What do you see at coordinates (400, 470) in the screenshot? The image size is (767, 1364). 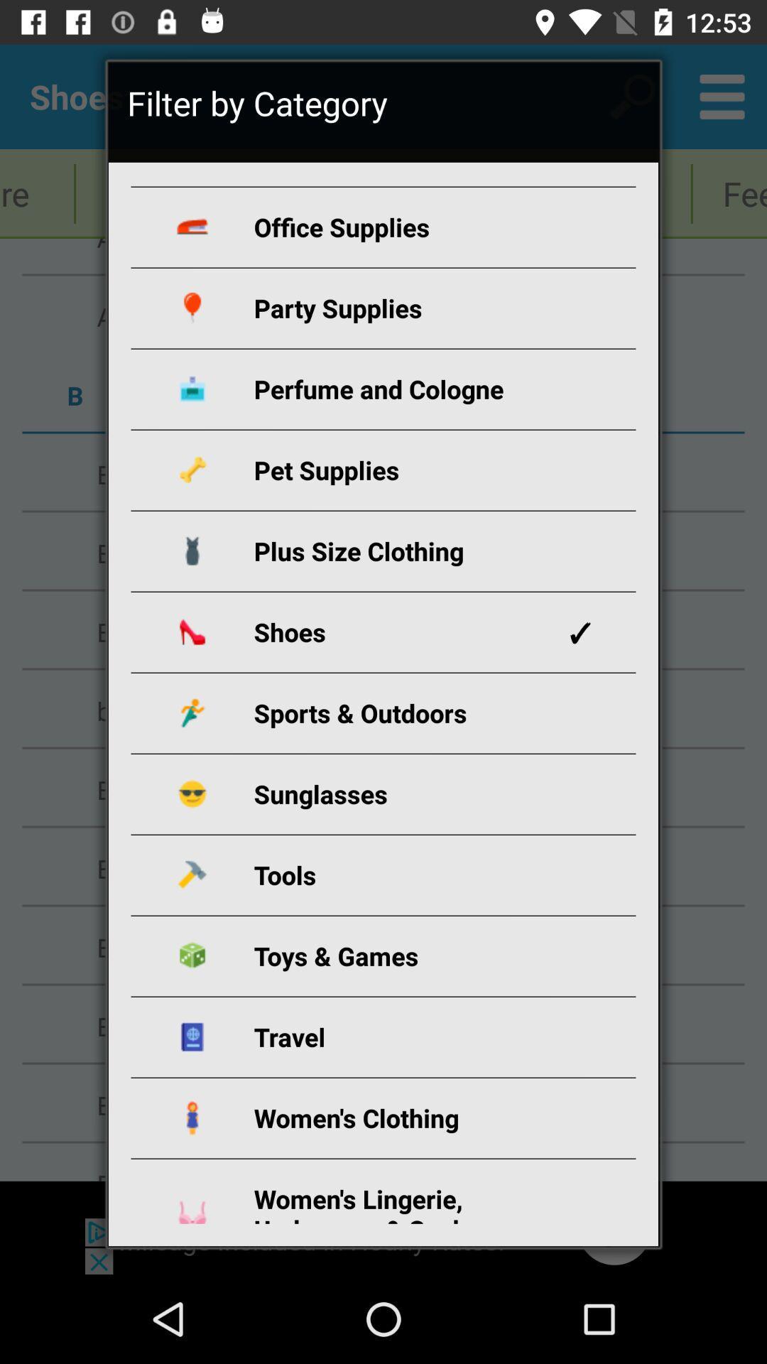 I see `the pet supplies app` at bounding box center [400, 470].